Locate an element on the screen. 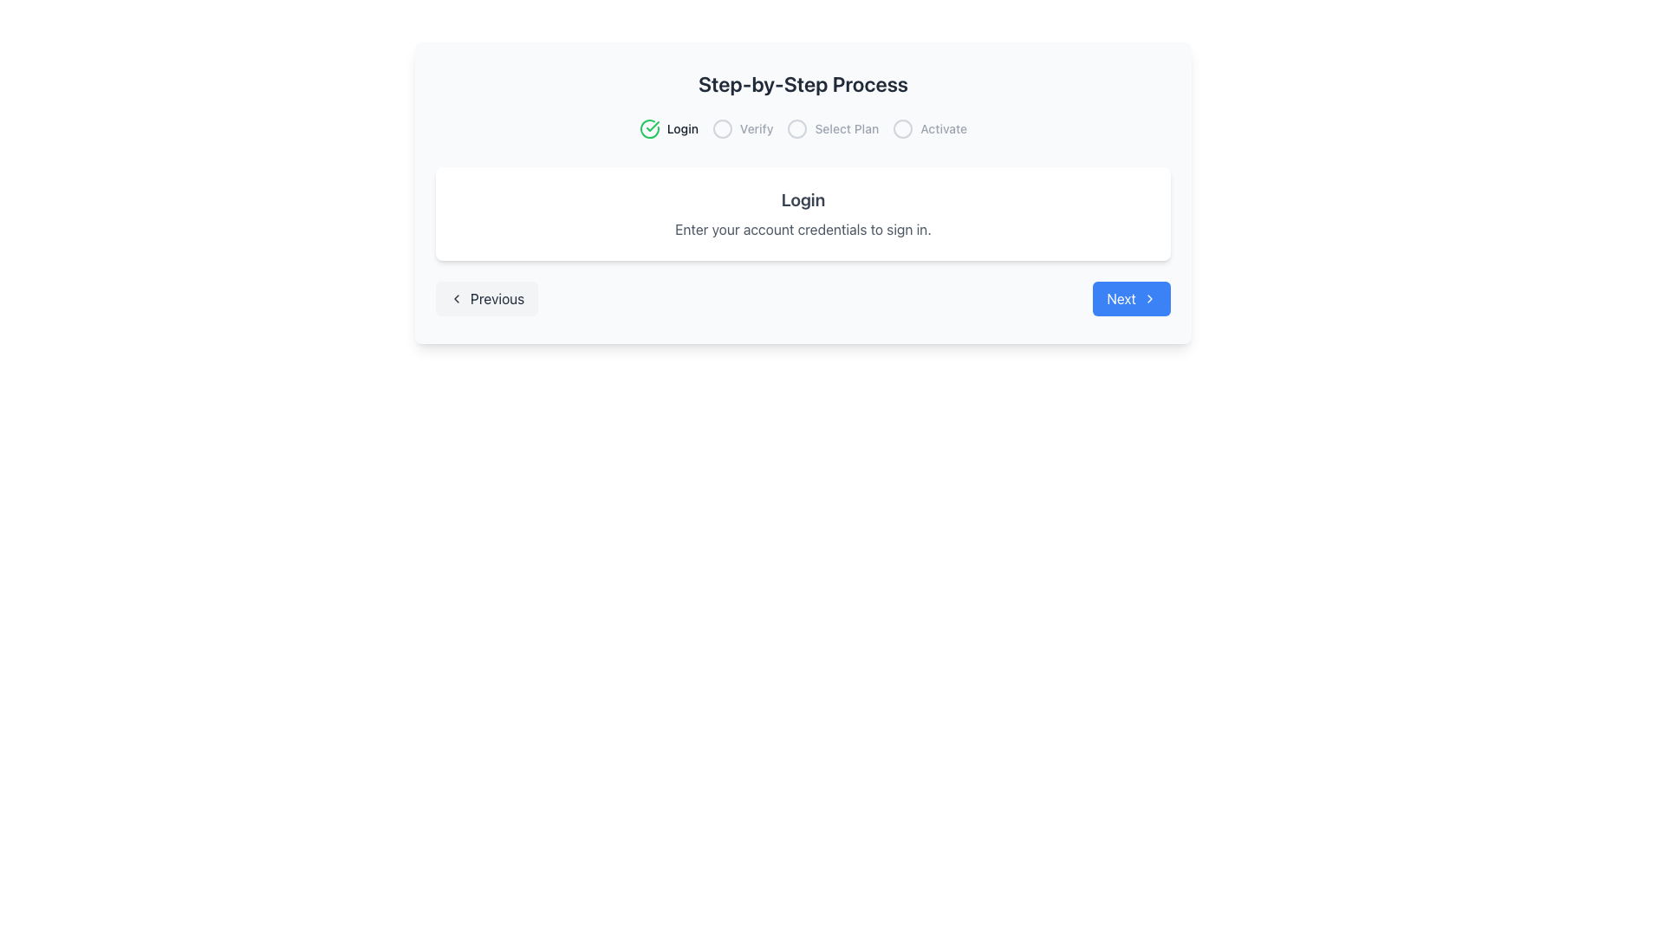 This screenshot has height=936, width=1664. the fourth Circle graphic in the sequence above the text labeled 'Activate', which represents a step in a sequential process is located at coordinates (902, 128).